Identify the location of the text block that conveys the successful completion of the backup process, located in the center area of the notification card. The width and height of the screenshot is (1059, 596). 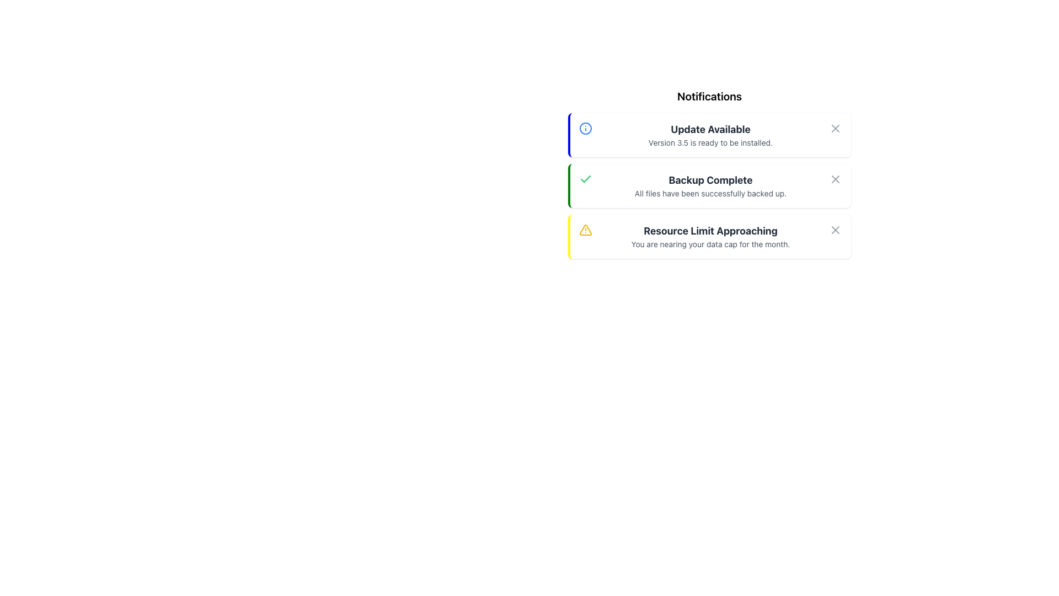
(710, 185).